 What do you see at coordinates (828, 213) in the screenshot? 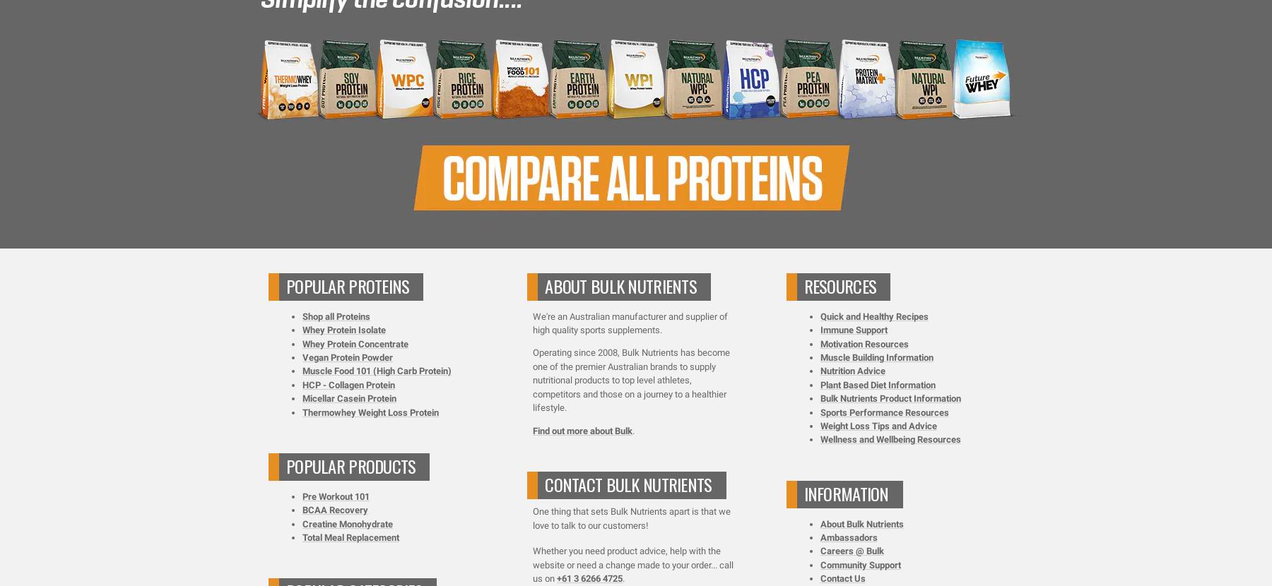
I see `'Sitemap'` at bounding box center [828, 213].